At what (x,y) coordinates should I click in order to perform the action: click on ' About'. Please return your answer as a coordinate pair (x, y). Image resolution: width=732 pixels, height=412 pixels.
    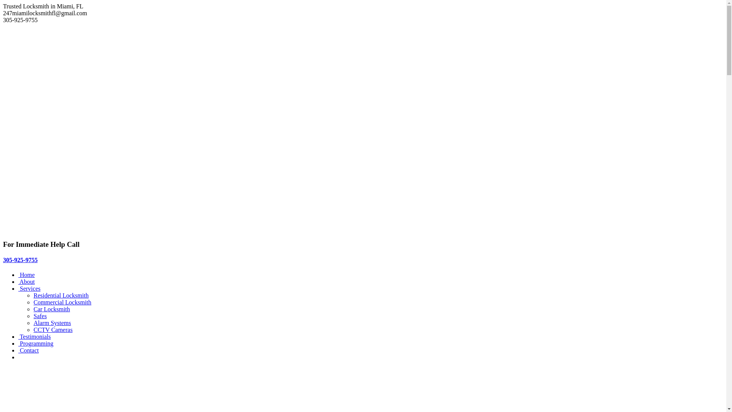
    Looking at the image, I should click on (26, 282).